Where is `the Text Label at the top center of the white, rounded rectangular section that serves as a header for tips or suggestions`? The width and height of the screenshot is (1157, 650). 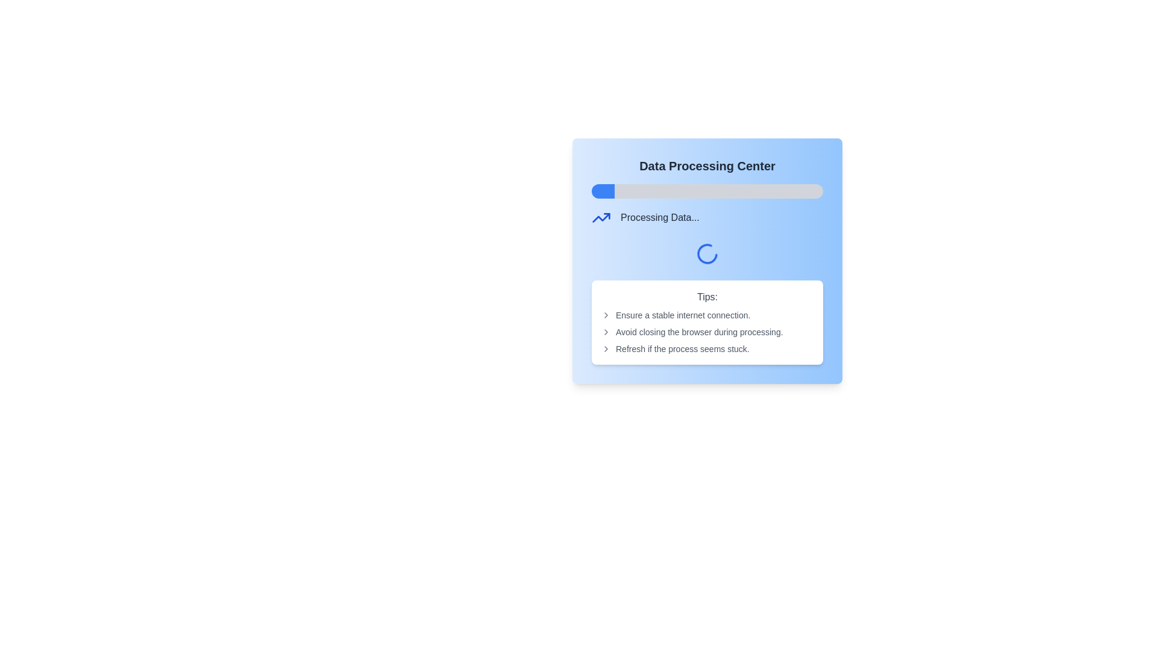
the Text Label at the top center of the white, rounded rectangular section that serves as a header for tips or suggestions is located at coordinates (707, 297).